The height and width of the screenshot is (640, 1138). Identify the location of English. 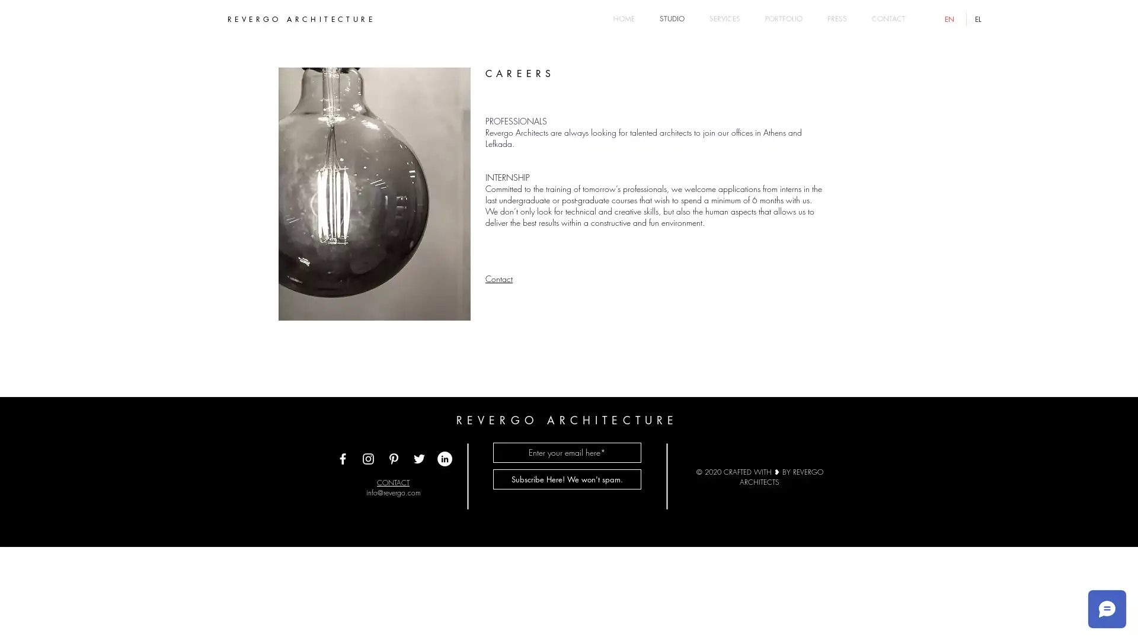
(951, 20).